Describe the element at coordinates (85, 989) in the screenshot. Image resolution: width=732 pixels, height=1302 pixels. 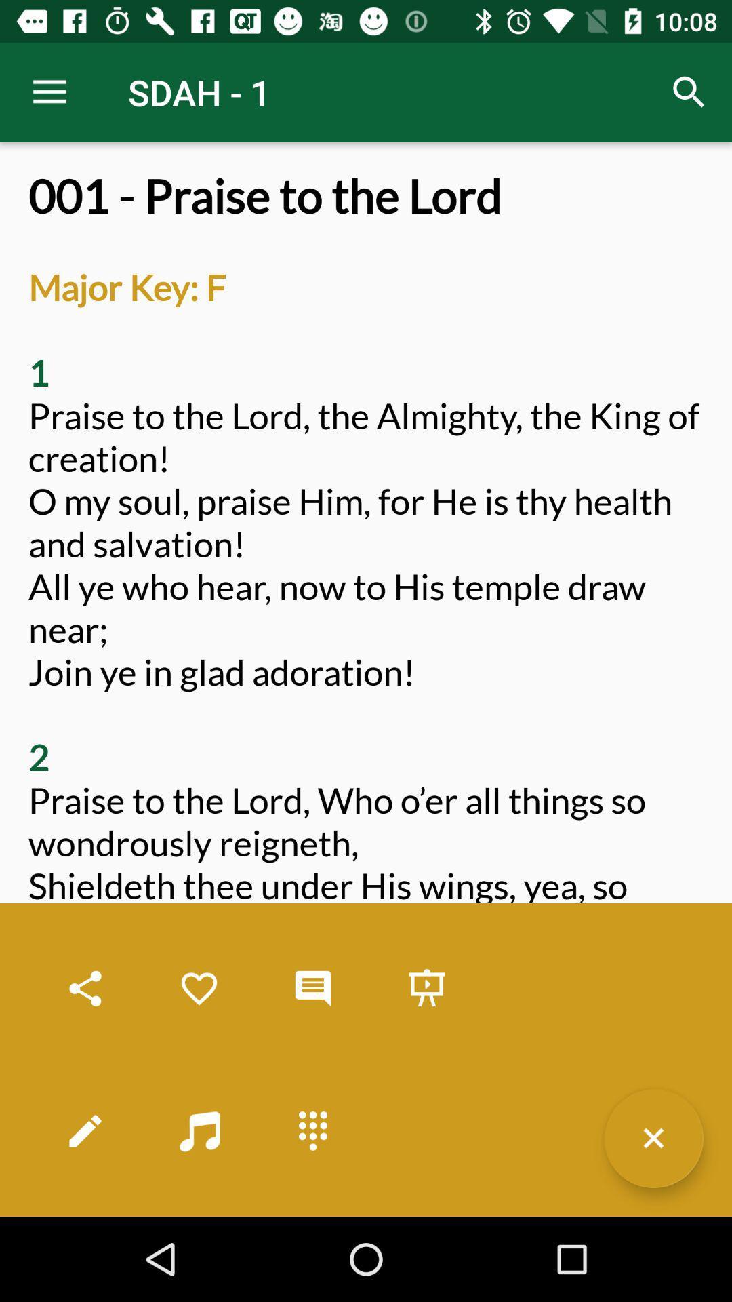
I see `the share icon` at that location.